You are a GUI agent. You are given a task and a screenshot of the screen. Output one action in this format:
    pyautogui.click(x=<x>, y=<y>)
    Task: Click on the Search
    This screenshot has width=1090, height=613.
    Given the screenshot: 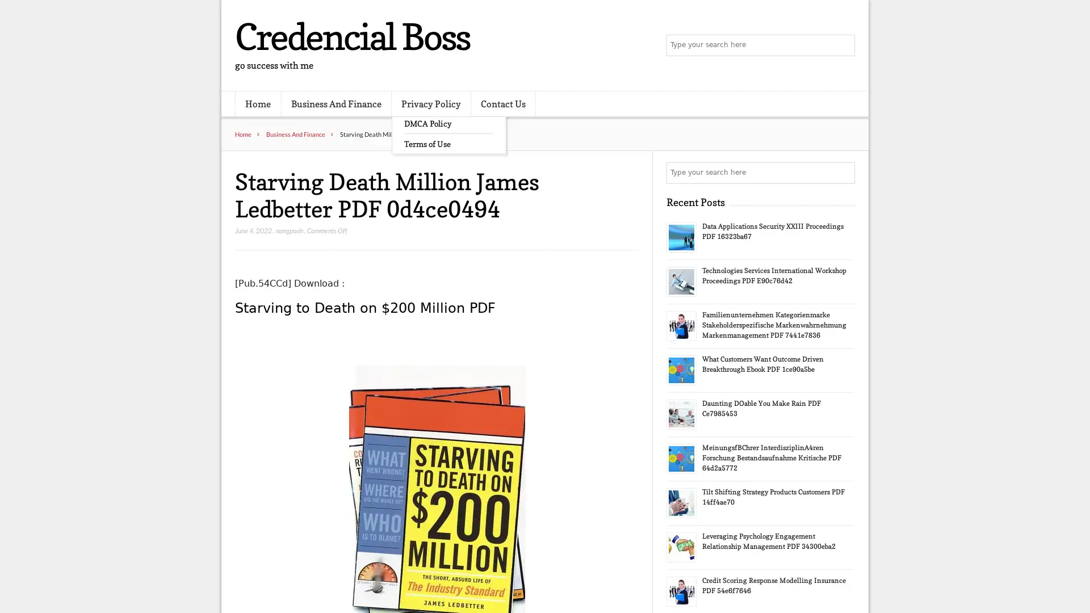 What is the action you would take?
    pyautogui.click(x=843, y=45)
    